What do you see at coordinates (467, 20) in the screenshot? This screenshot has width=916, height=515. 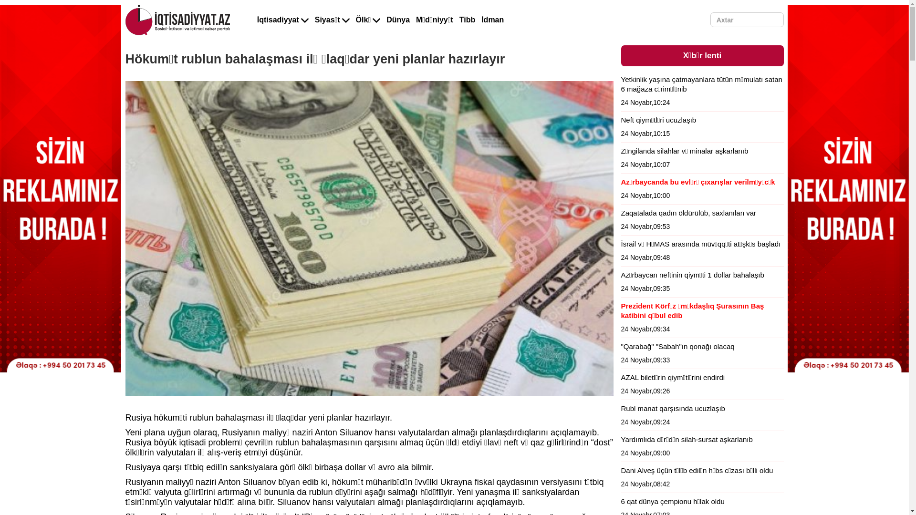 I see `'Tibb'` at bounding box center [467, 20].